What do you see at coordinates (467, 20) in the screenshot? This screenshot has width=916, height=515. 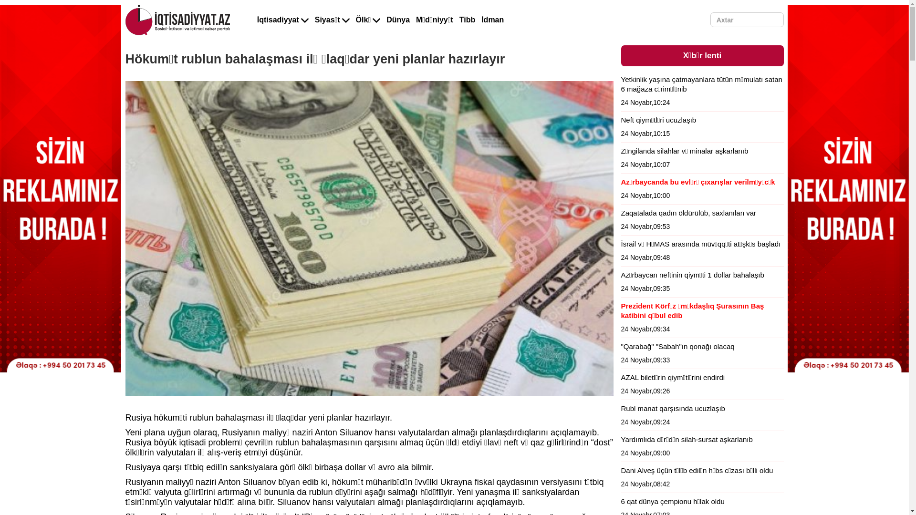 I see `'Tibb'` at bounding box center [467, 20].